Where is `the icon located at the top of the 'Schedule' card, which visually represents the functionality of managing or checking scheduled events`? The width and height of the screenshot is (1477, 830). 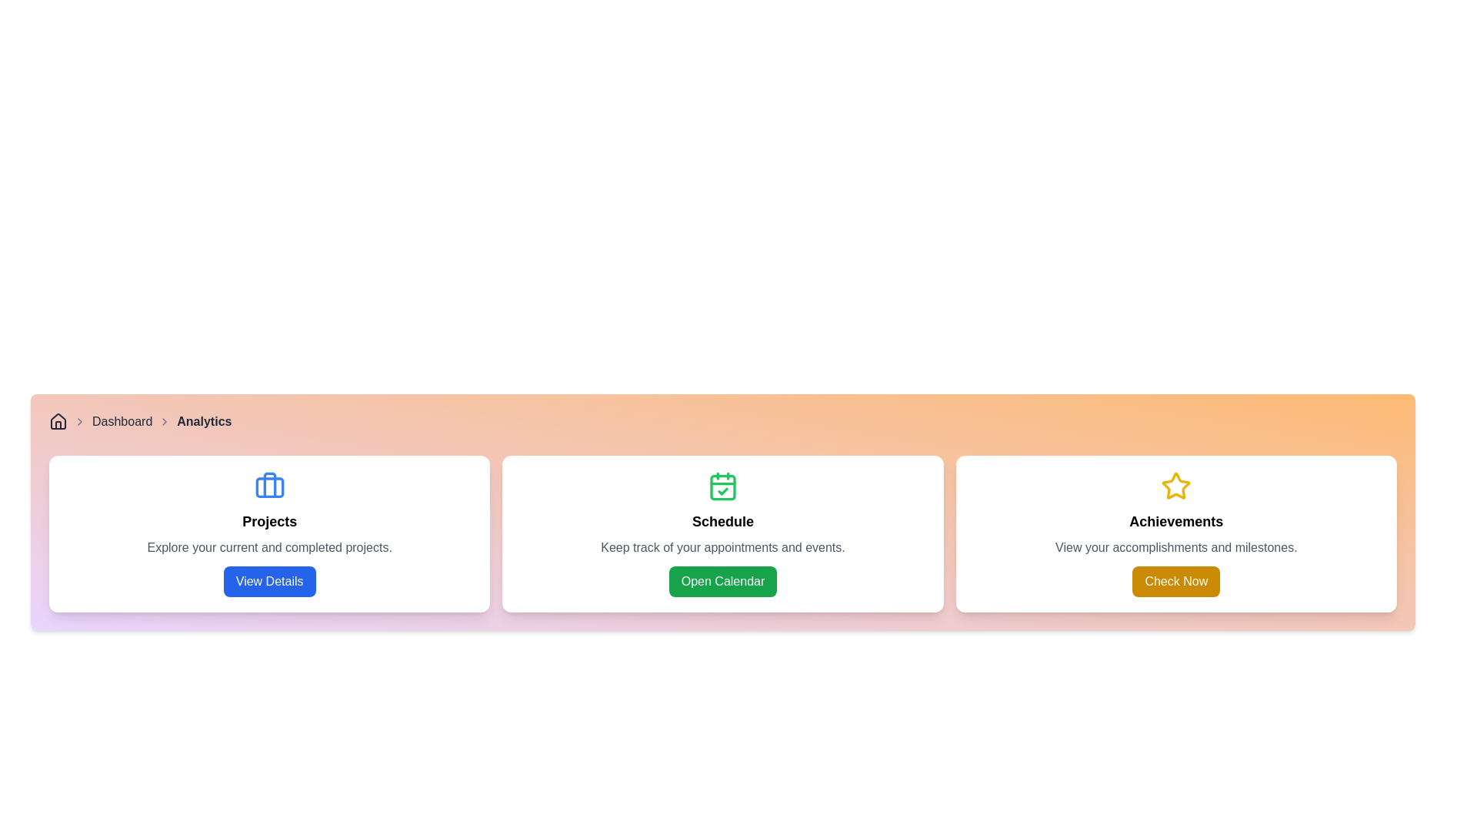 the icon located at the top of the 'Schedule' card, which visually represents the functionality of managing or checking scheduled events is located at coordinates (722, 486).